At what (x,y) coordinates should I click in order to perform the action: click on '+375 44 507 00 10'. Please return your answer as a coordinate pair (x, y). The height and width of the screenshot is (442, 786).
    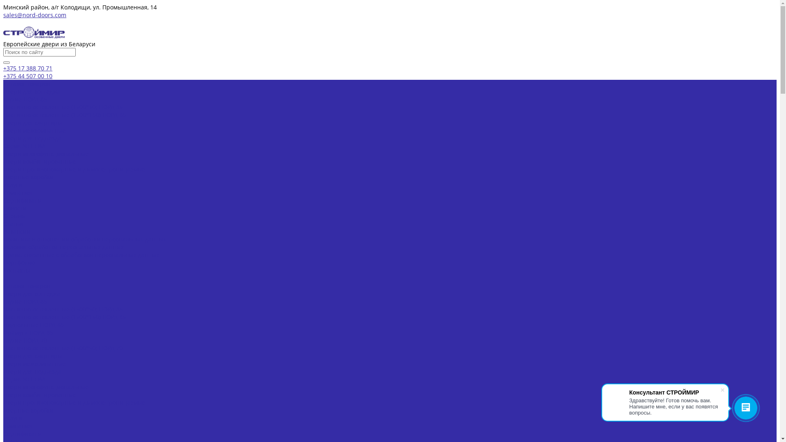
    Looking at the image, I should click on (27, 76).